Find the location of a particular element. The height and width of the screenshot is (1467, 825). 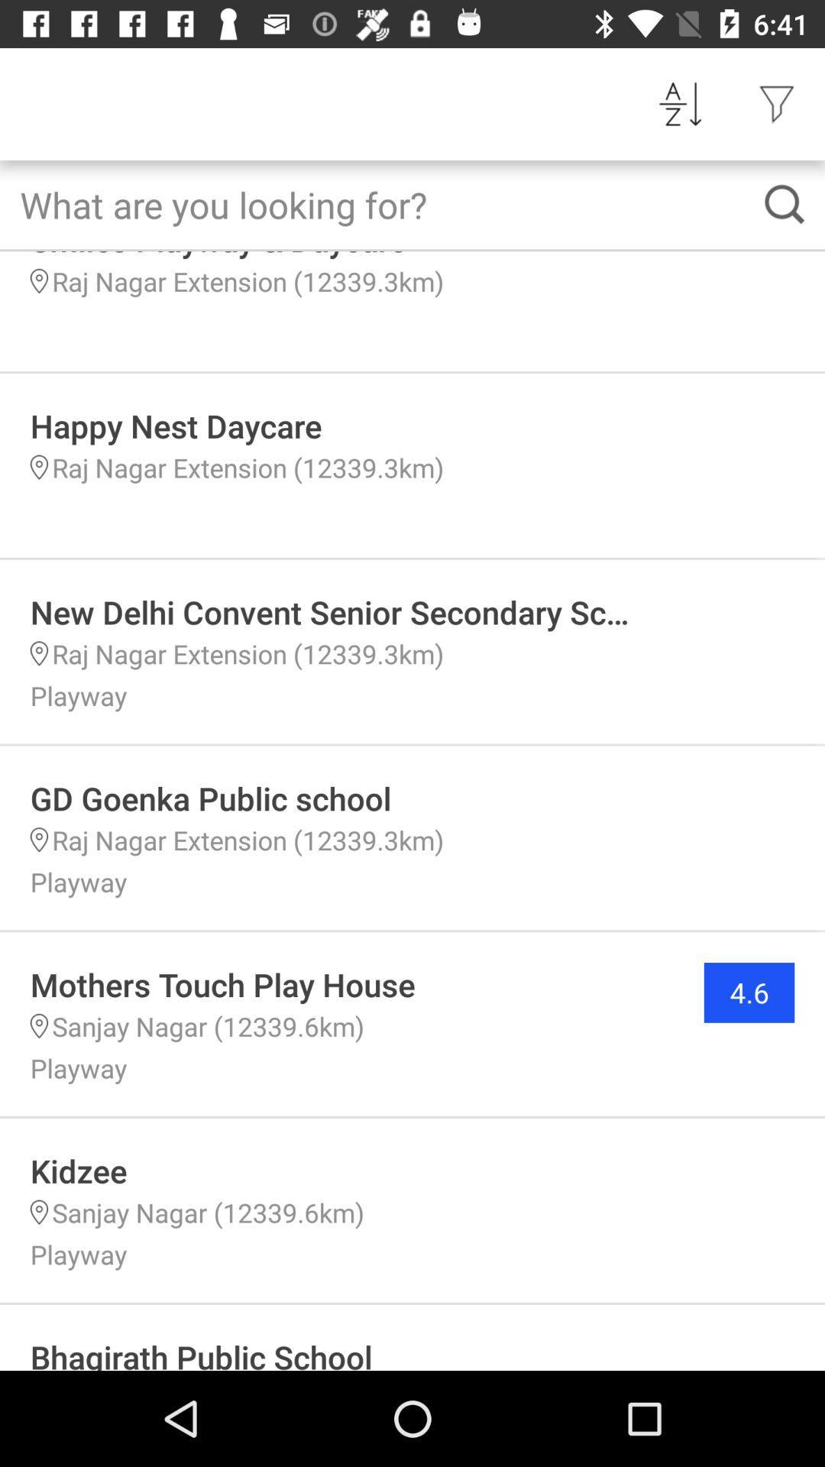

the search icon is located at coordinates (785, 203).